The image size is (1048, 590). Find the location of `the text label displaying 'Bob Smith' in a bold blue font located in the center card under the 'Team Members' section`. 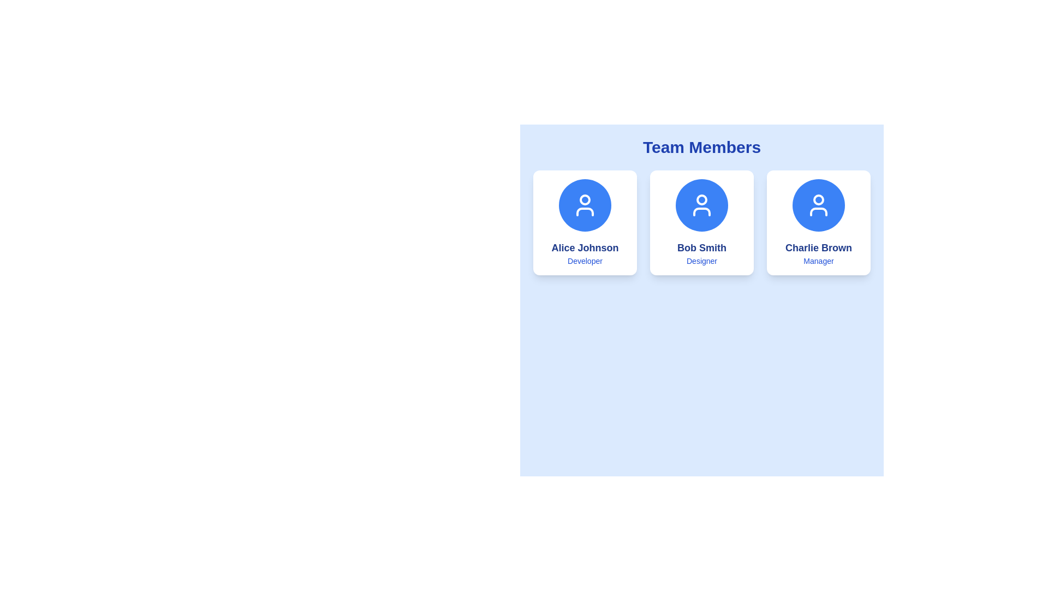

the text label displaying 'Bob Smith' in a bold blue font located in the center card under the 'Team Members' section is located at coordinates (702, 248).